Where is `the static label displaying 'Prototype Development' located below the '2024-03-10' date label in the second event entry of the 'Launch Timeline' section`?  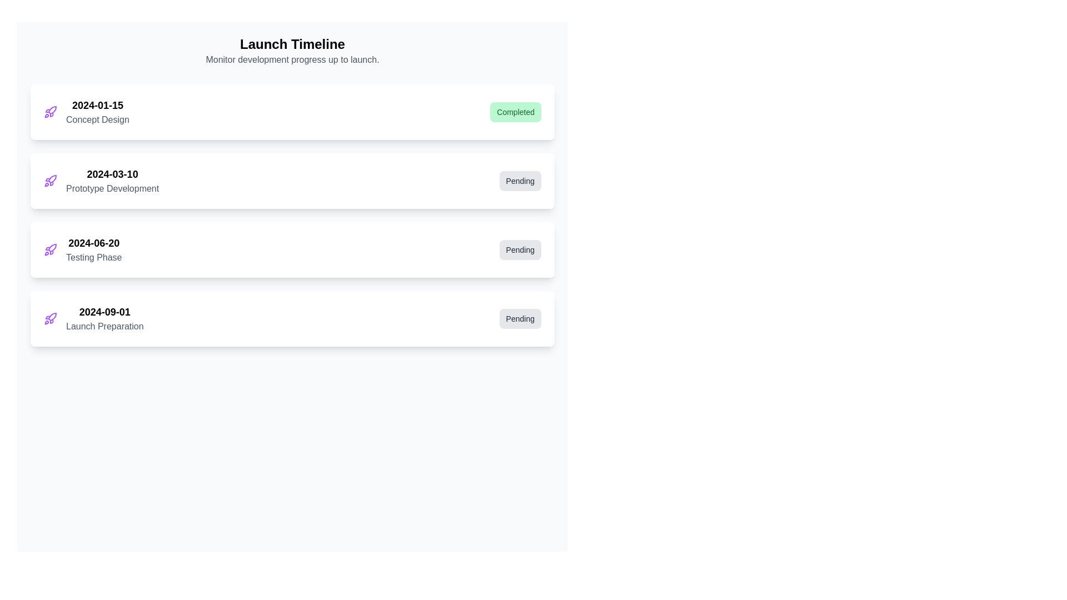 the static label displaying 'Prototype Development' located below the '2024-03-10' date label in the second event entry of the 'Launch Timeline' section is located at coordinates (112, 188).